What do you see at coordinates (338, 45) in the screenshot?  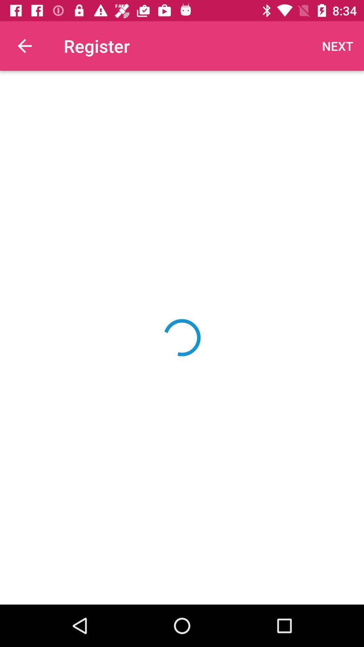 I see `the next icon` at bounding box center [338, 45].